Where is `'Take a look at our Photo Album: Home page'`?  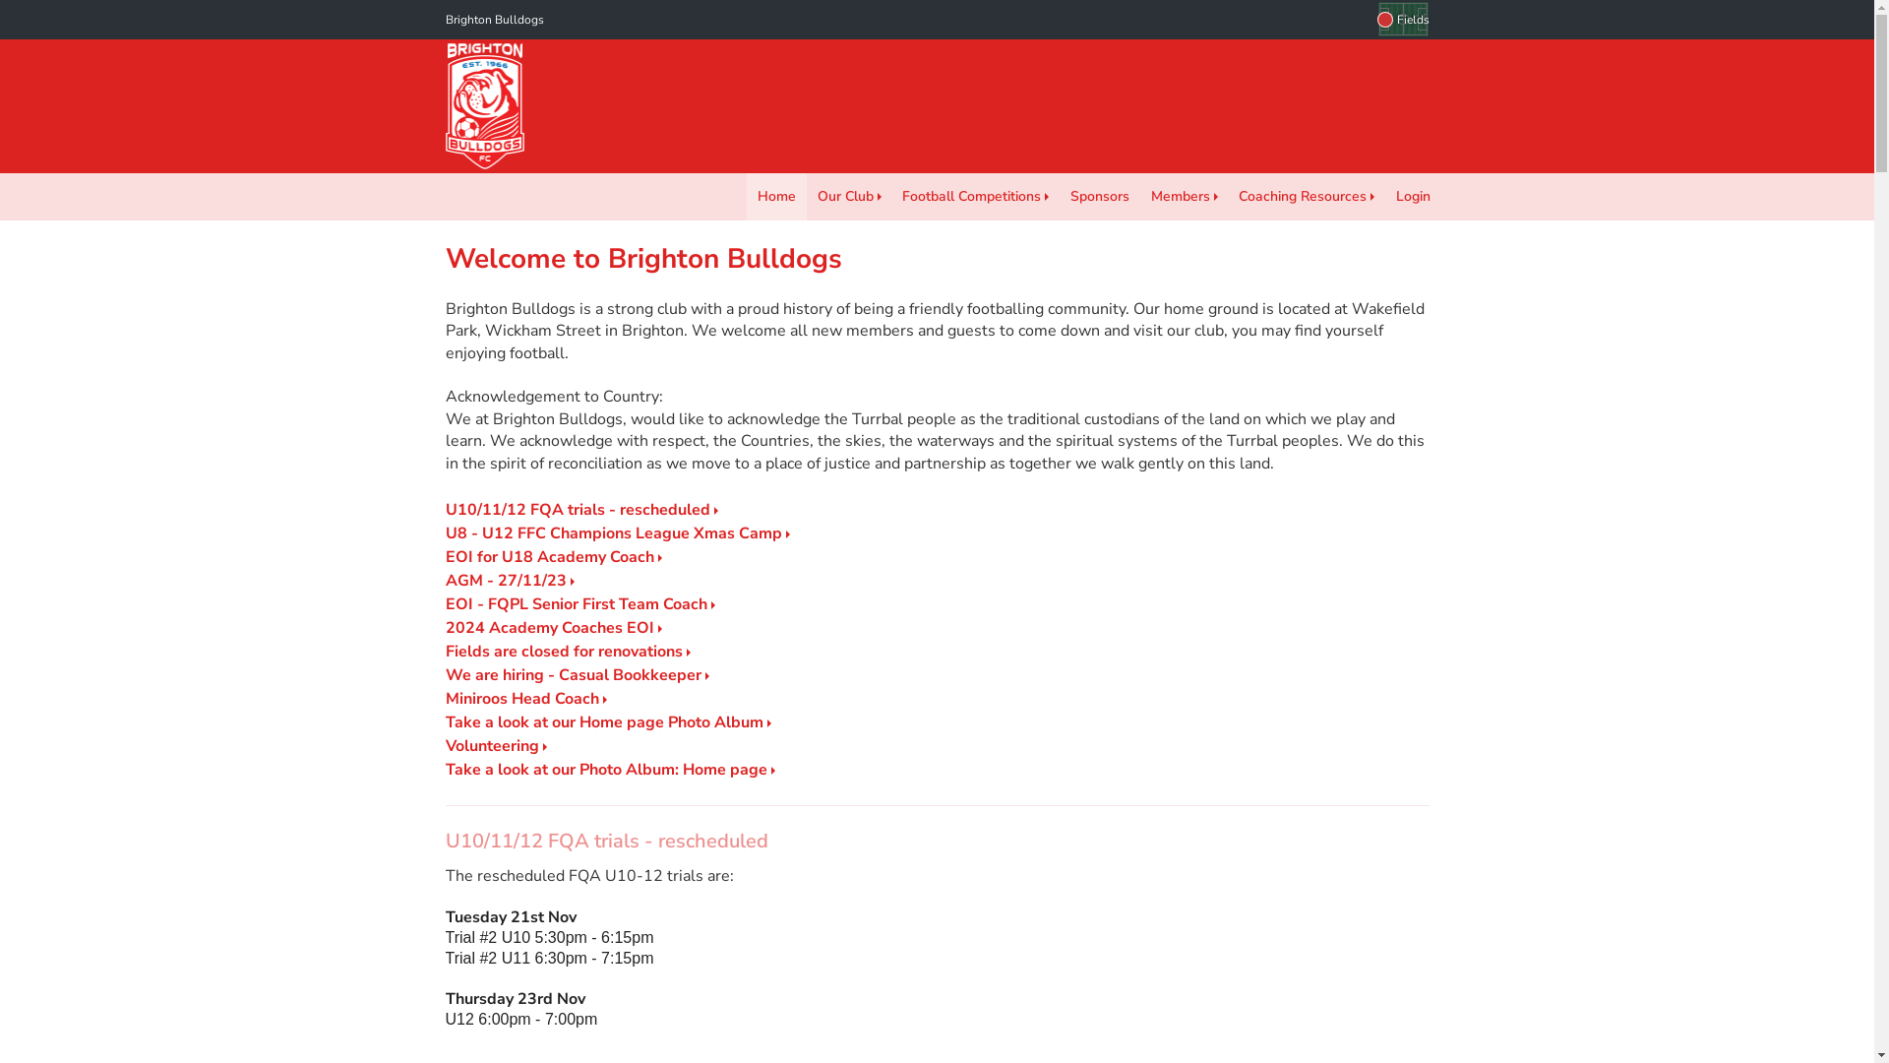 'Take a look at our Photo Album: Home page' is located at coordinates (608, 769).